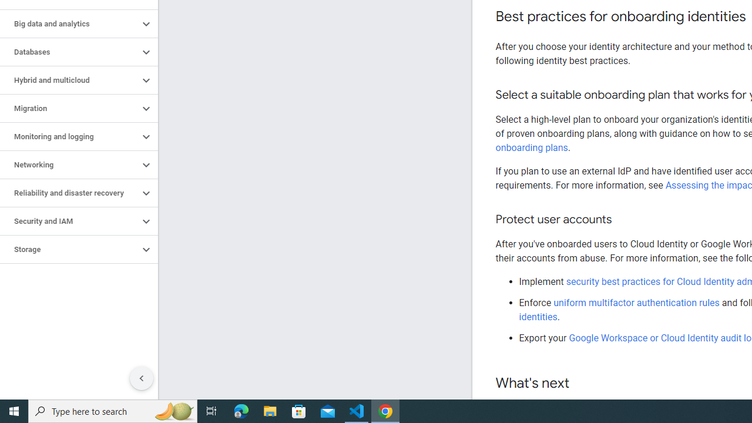 This screenshot has height=423, width=752. I want to click on 'Security and IAM', so click(69, 221).